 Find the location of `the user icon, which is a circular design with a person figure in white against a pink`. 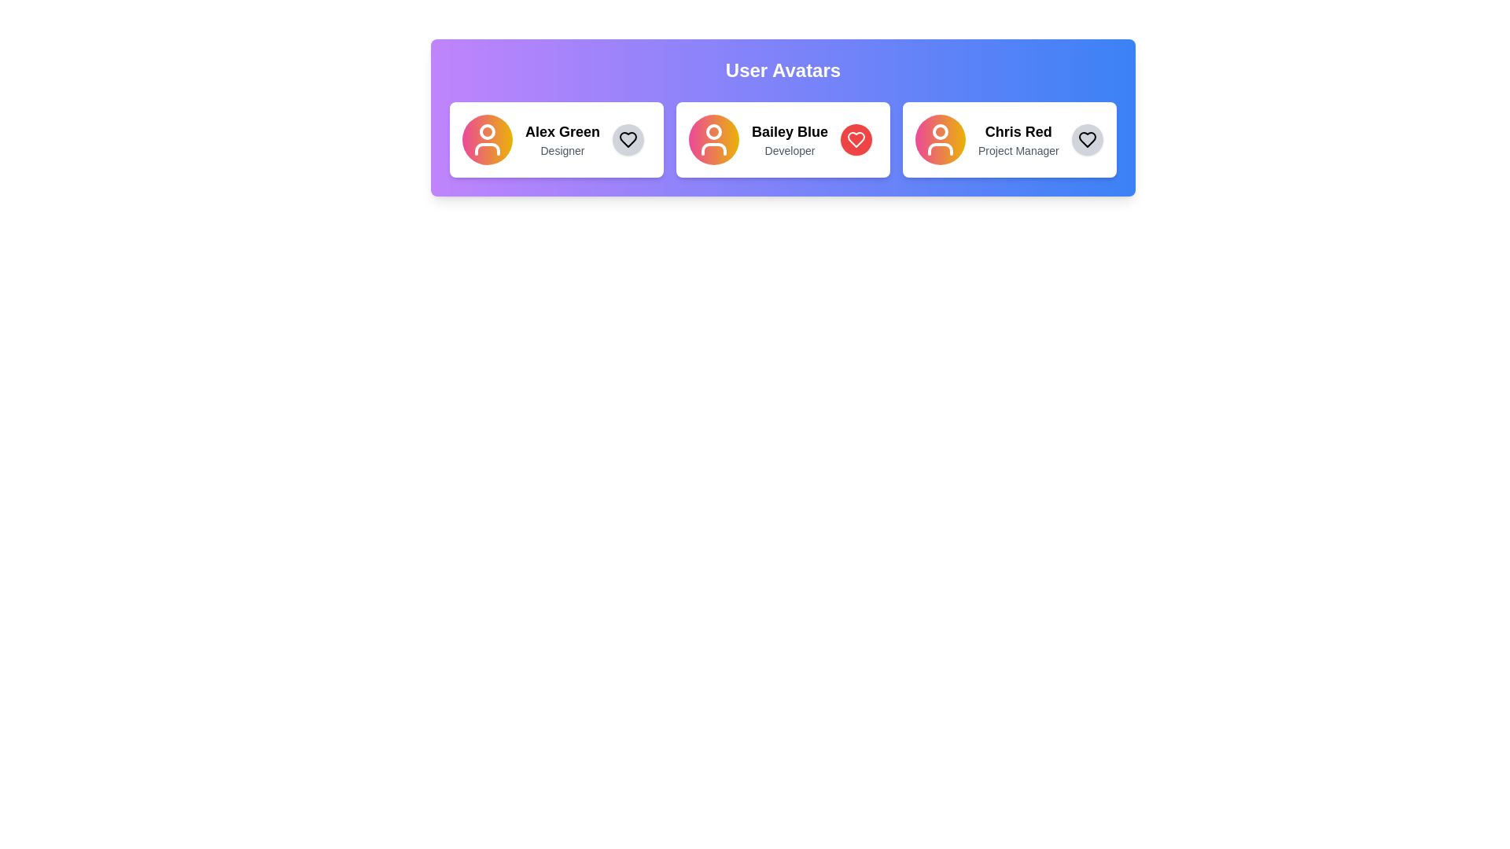

the user icon, which is a circular design with a person figure in white against a pink is located at coordinates (486, 138).